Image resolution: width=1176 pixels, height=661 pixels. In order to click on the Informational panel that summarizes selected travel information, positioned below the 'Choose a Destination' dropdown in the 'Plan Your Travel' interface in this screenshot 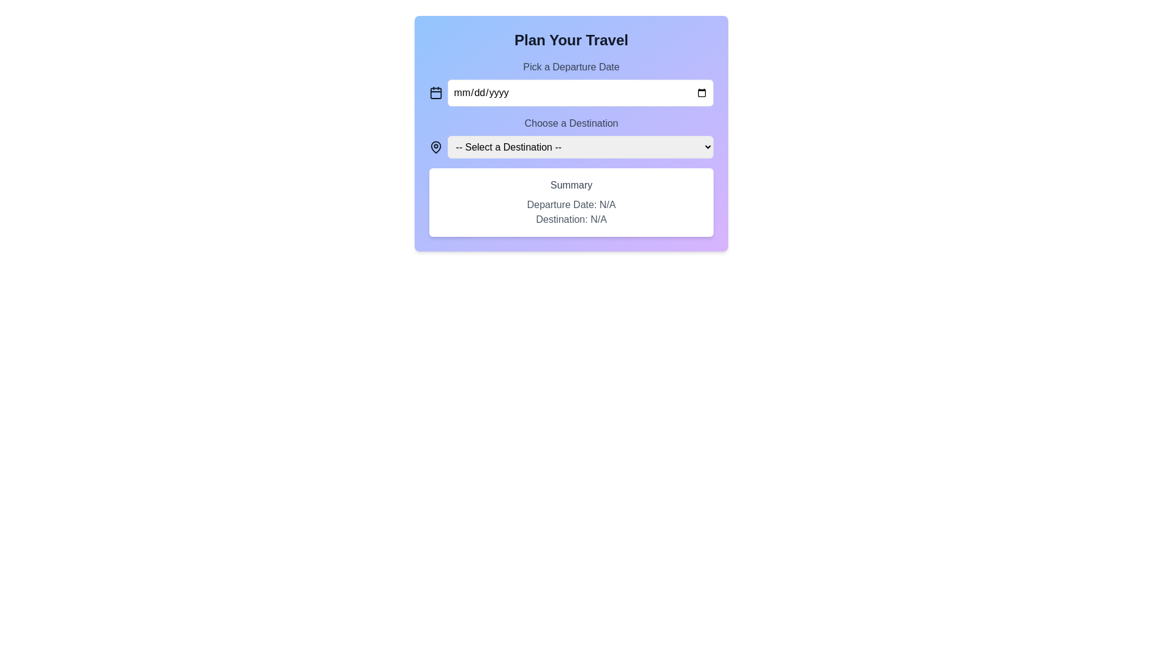, I will do `click(570, 202)`.